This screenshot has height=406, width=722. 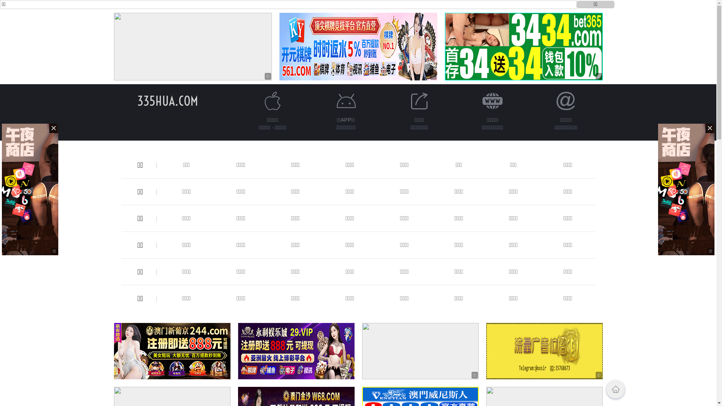 I want to click on '335HUA.COM', so click(x=137, y=100).